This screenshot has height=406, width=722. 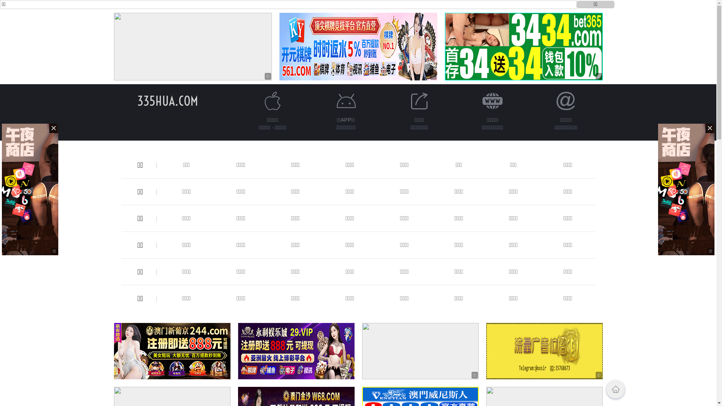 I want to click on '335HUA.COM', so click(x=137, y=100).